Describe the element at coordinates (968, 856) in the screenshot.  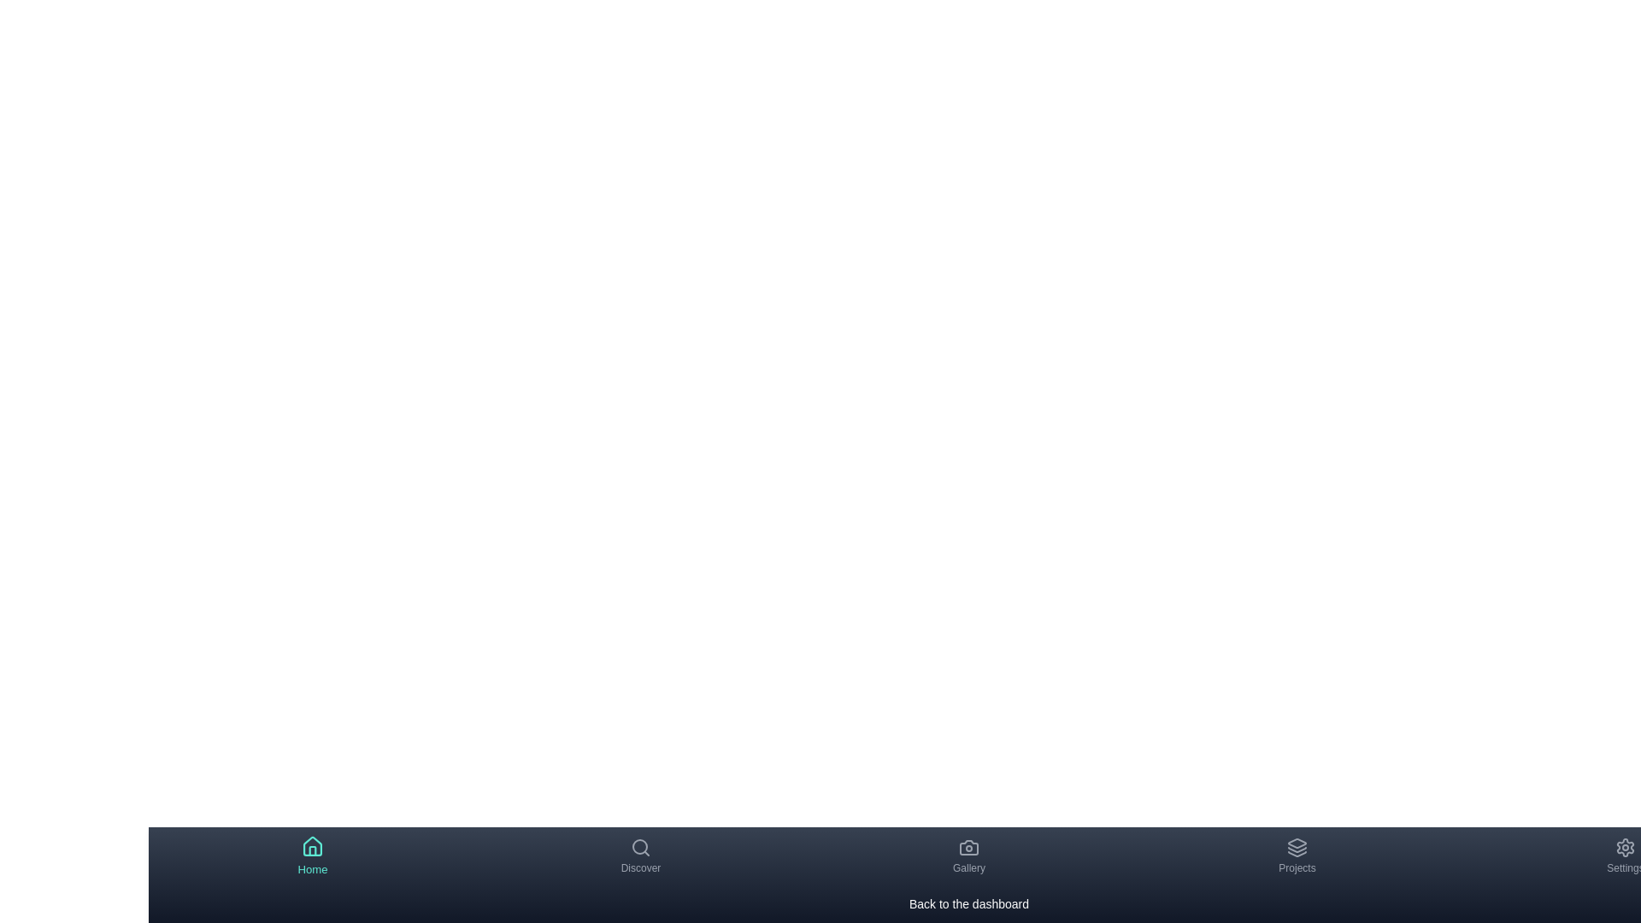
I see `the Gallery tab by clicking on its navigation item` at that location.